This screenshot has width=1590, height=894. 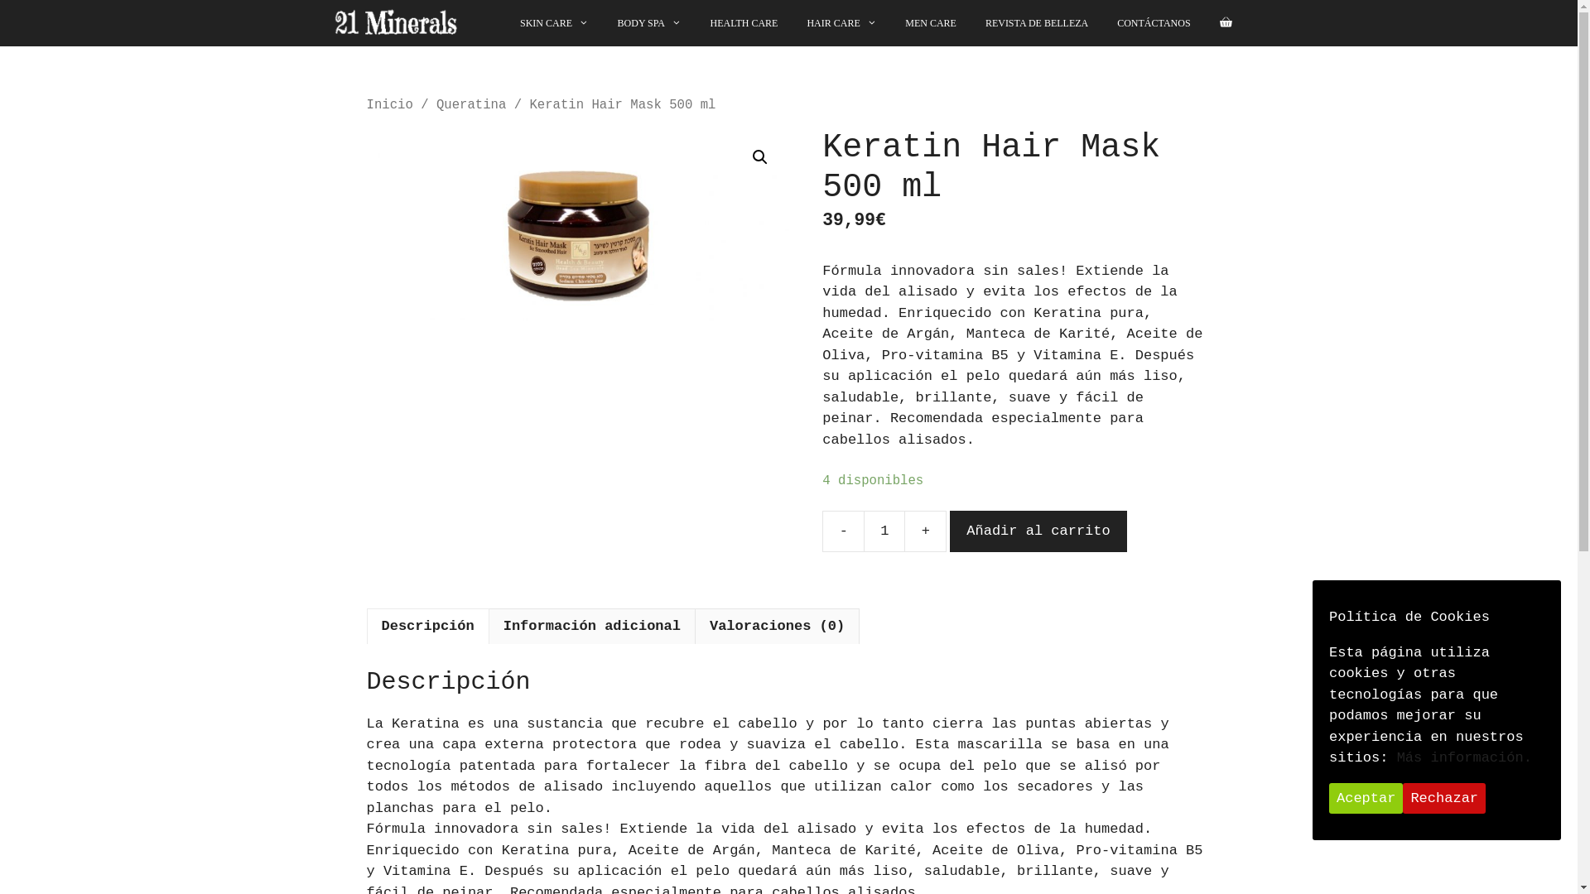 I want to click on 'REVISTA DE BELLEZA', so click(x=973, y=22).